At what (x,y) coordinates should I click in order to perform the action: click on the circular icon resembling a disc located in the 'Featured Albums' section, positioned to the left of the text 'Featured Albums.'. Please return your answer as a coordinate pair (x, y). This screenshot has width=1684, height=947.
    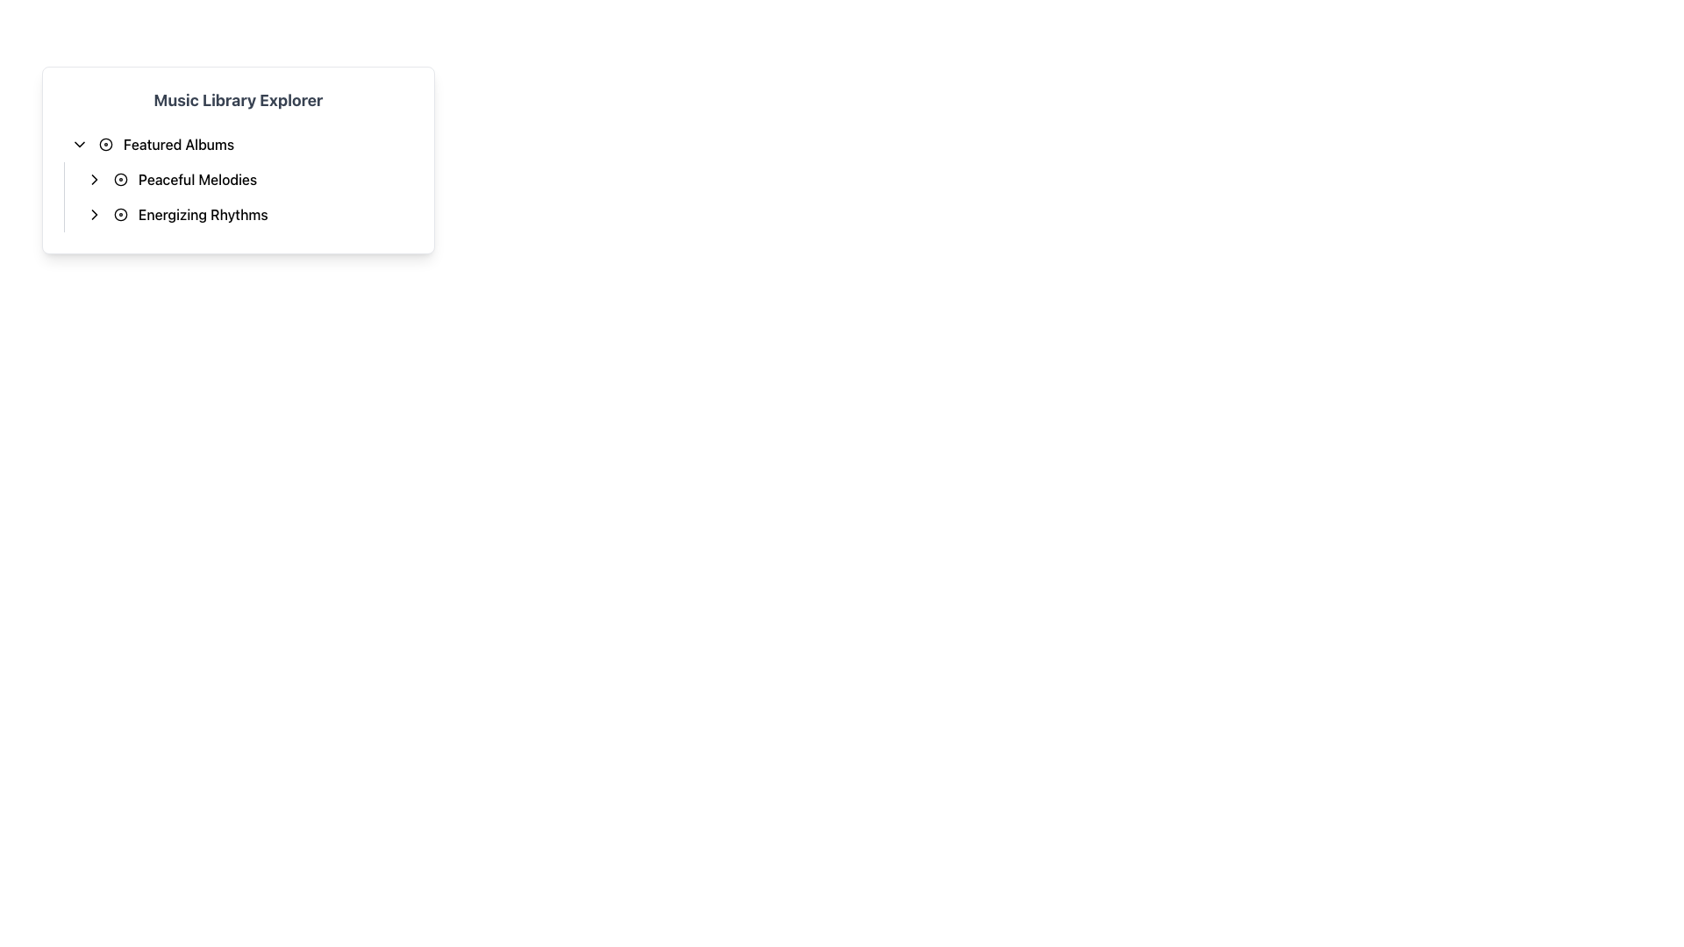
    Looking at the image, I should click on (104, 144).